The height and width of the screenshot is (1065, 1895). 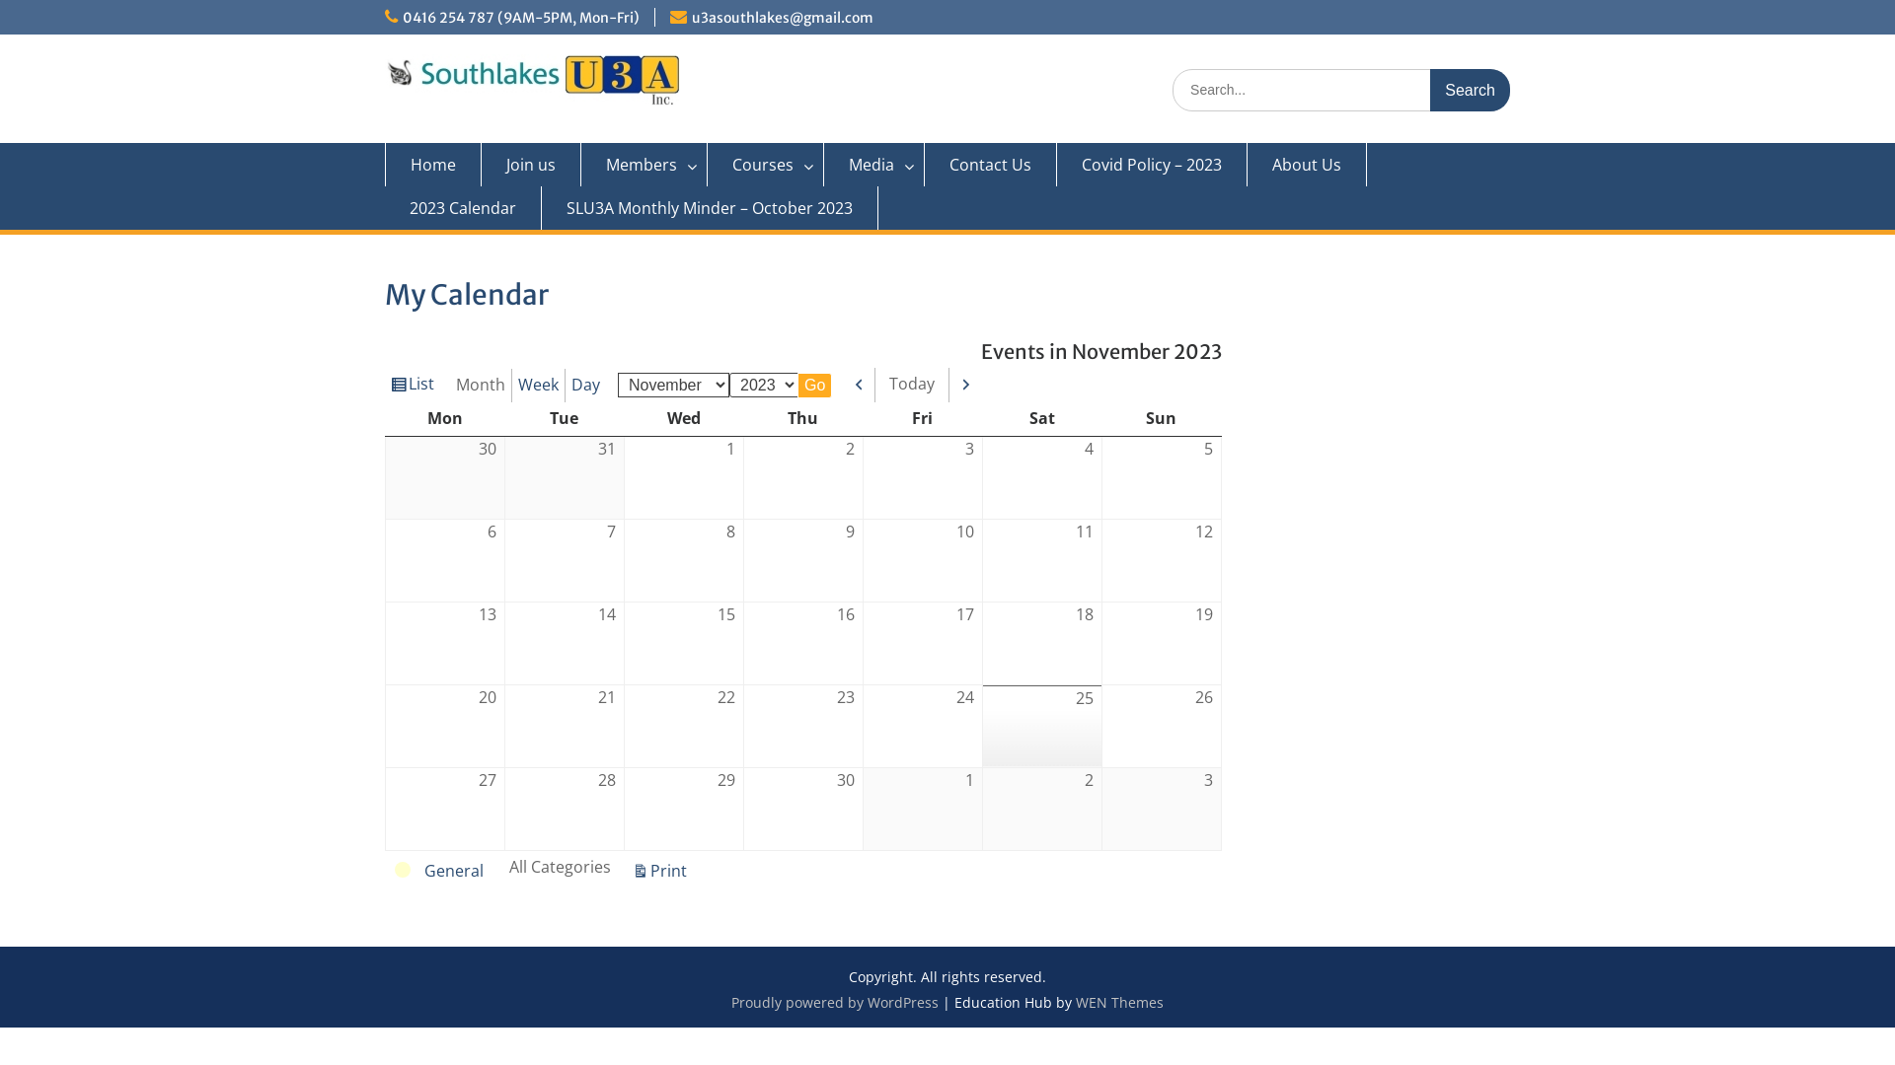 What do you see at coordinates (462, 208) in the screenshot?
I see `'2023 Calendar'` at bounding box center [462, 208].